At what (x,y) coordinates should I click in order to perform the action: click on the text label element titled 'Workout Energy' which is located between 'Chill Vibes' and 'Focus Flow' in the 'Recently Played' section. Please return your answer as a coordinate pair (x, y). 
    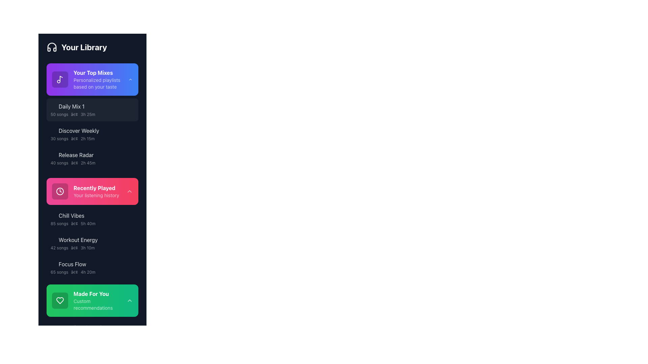
    Looking at the image, I should click on (78, 240).